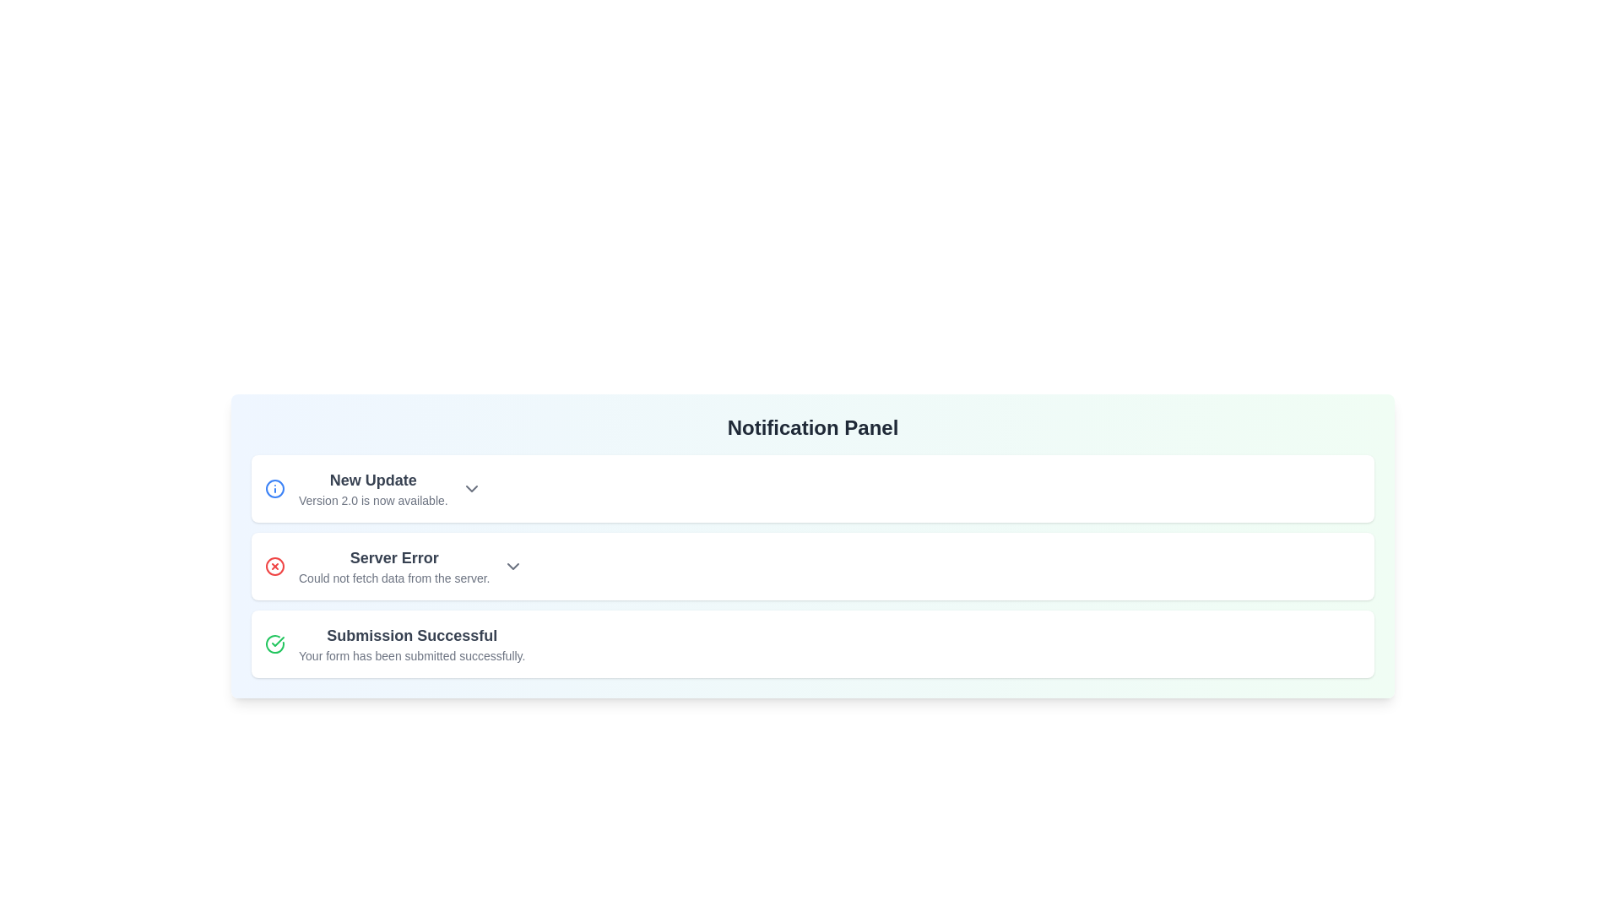 The image size is (1621, 912). I want to click on error message displayed in the text block titled 'Server Error' which indicates a failure to fetch data from the server, so click(393, 567).